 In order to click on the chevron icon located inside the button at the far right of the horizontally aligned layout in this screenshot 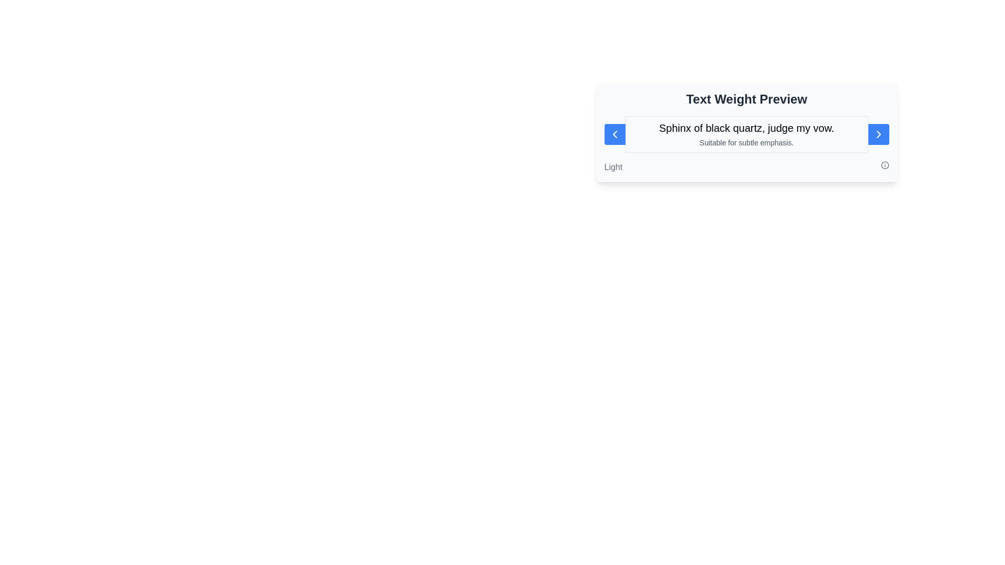, I will do `click(878, 134)`.